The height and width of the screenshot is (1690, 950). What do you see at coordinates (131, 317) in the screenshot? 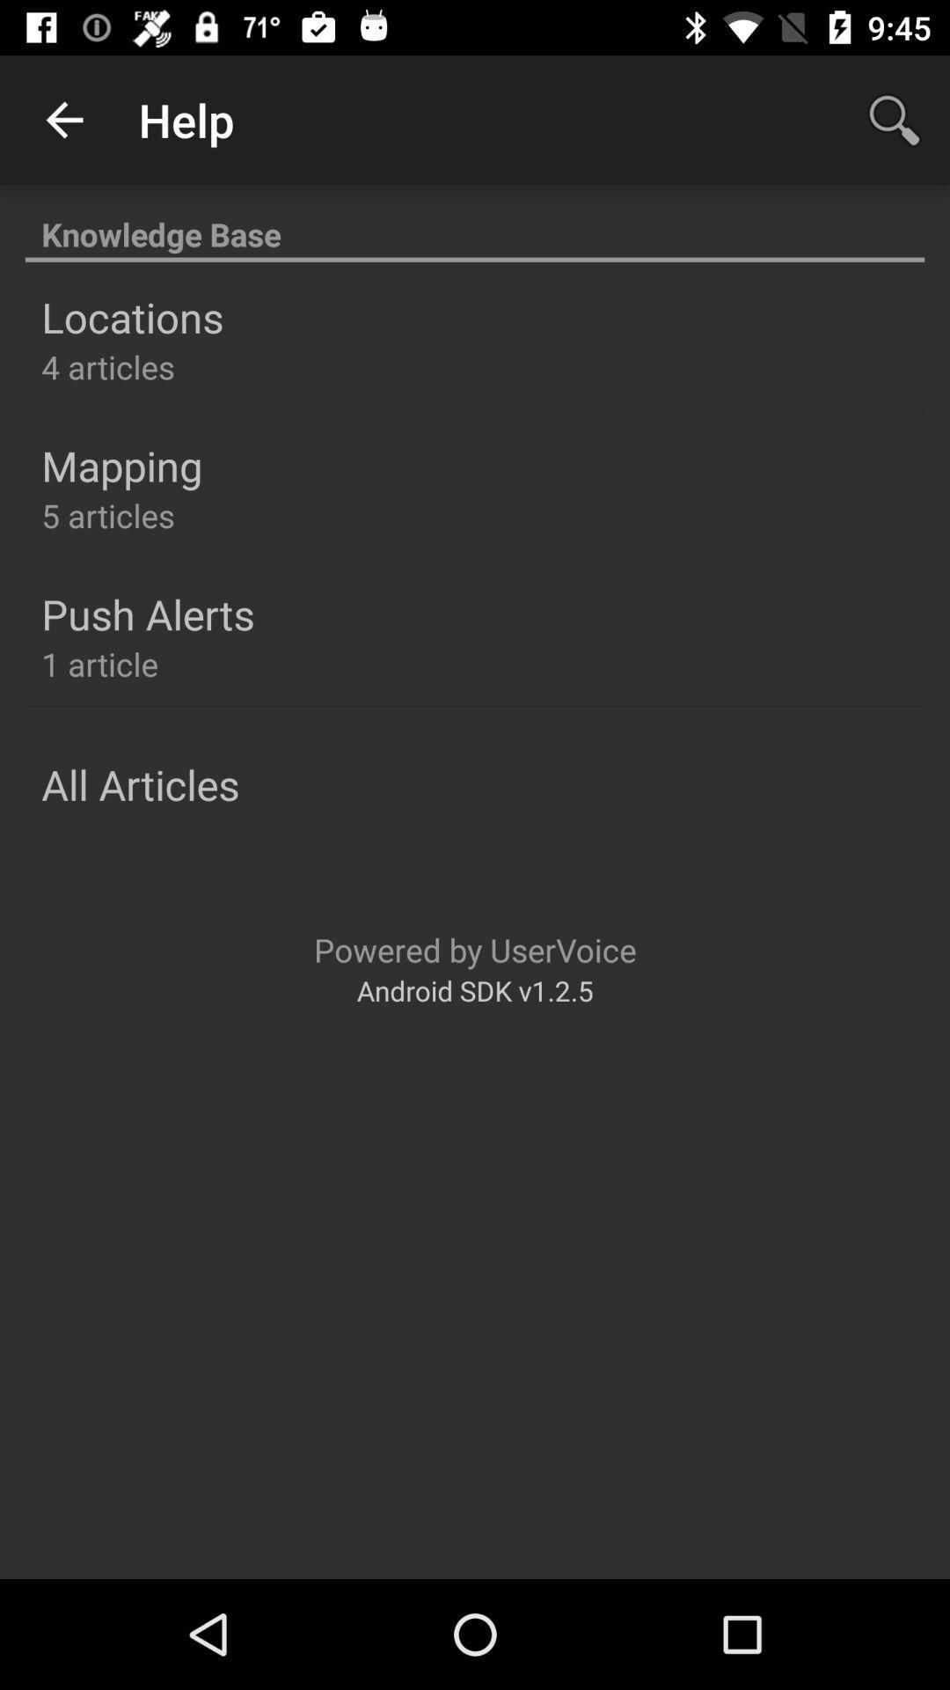
I see `icon above 4 articles icon` at bounding box center [131, 317].